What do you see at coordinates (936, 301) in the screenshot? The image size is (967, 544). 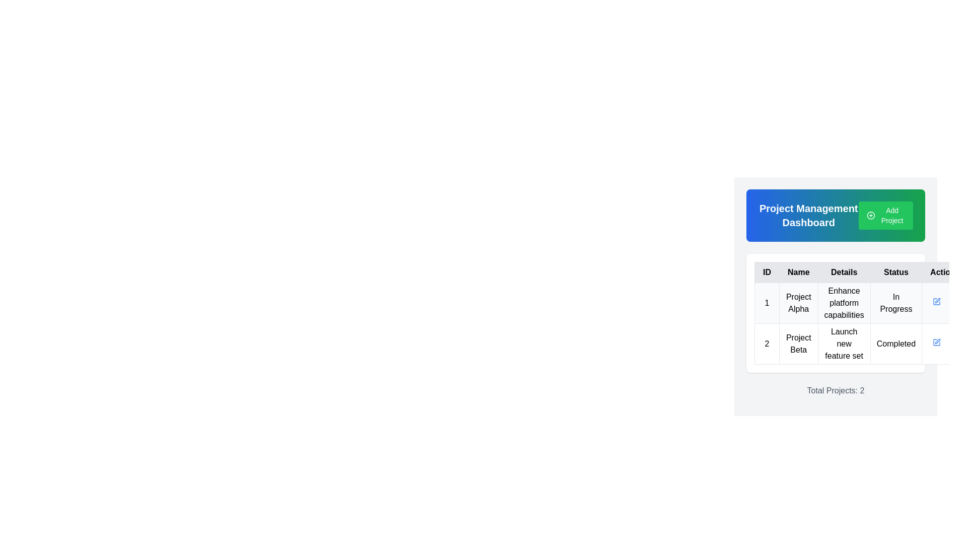 I see `the Edit button icon located in the Action column of the second row of the project information table to change its color` at bounding box center [936, 301].